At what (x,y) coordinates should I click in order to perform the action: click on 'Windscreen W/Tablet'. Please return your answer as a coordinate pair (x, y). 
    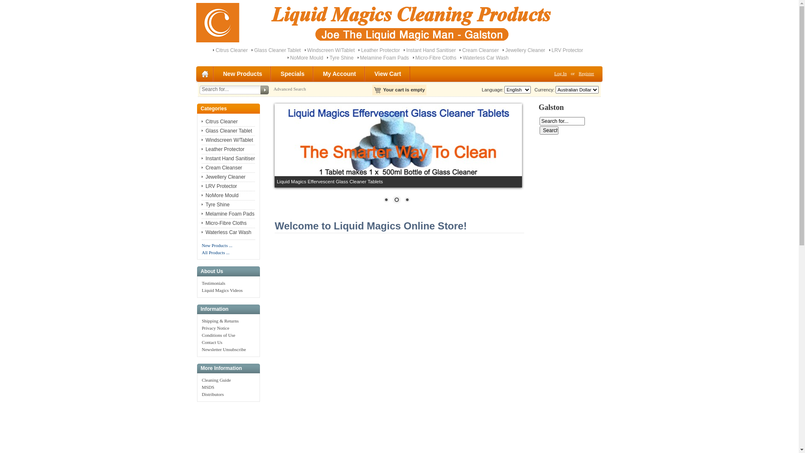
    Looking at the image, I should click on (330, 50).